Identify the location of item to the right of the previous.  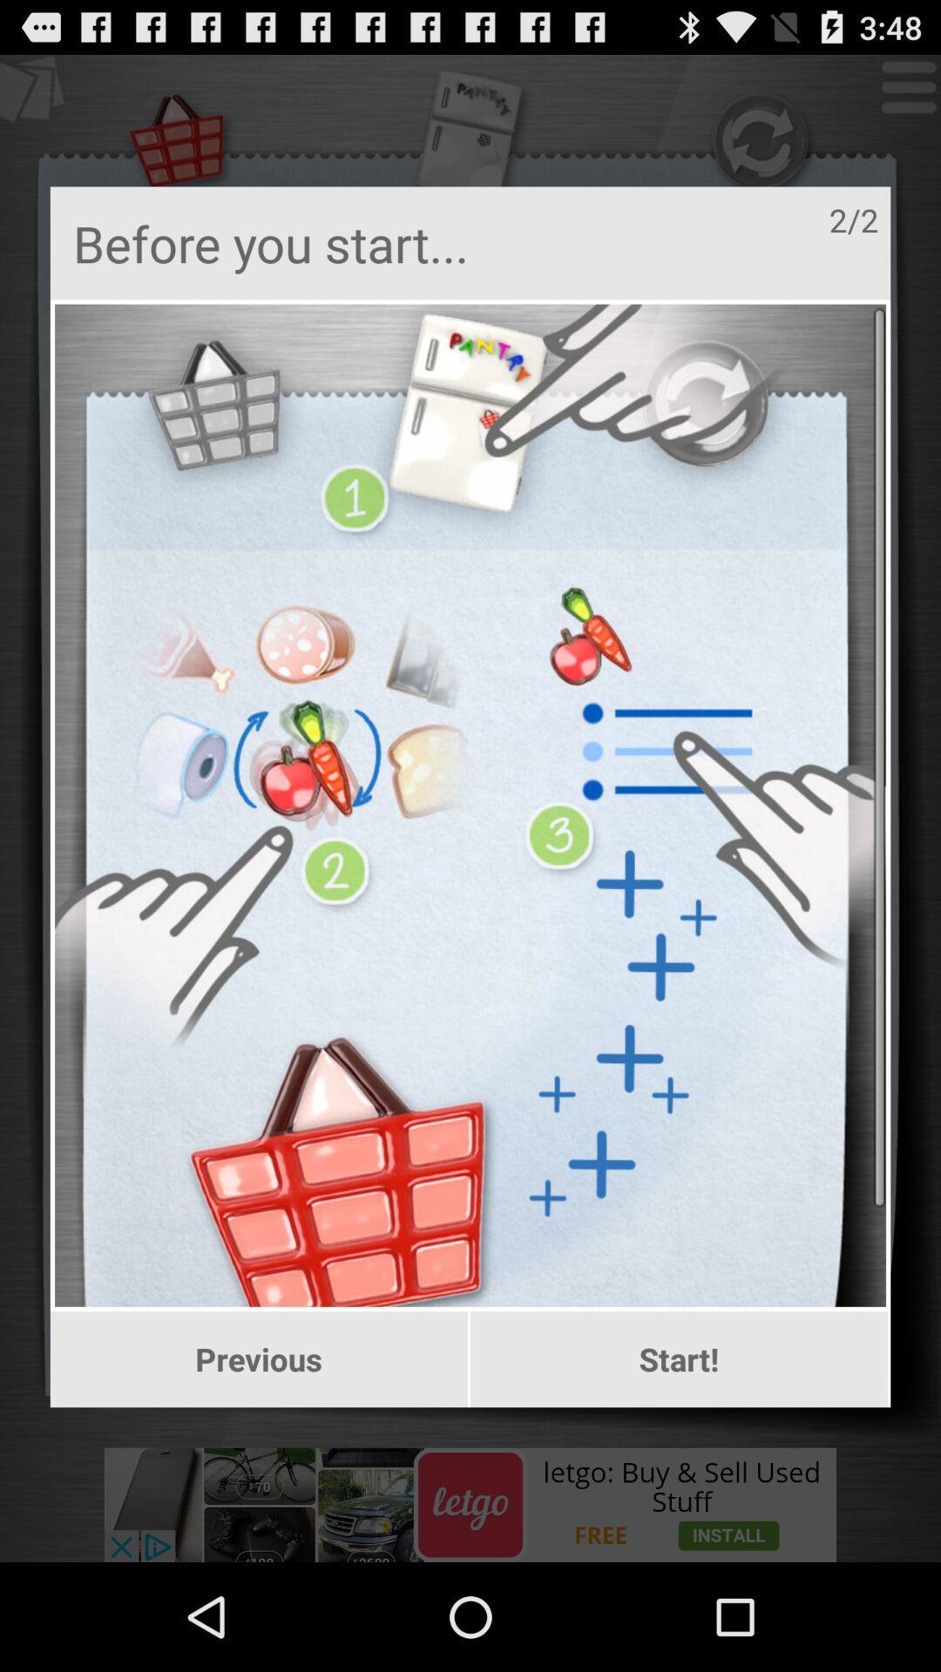
(678, 1358).